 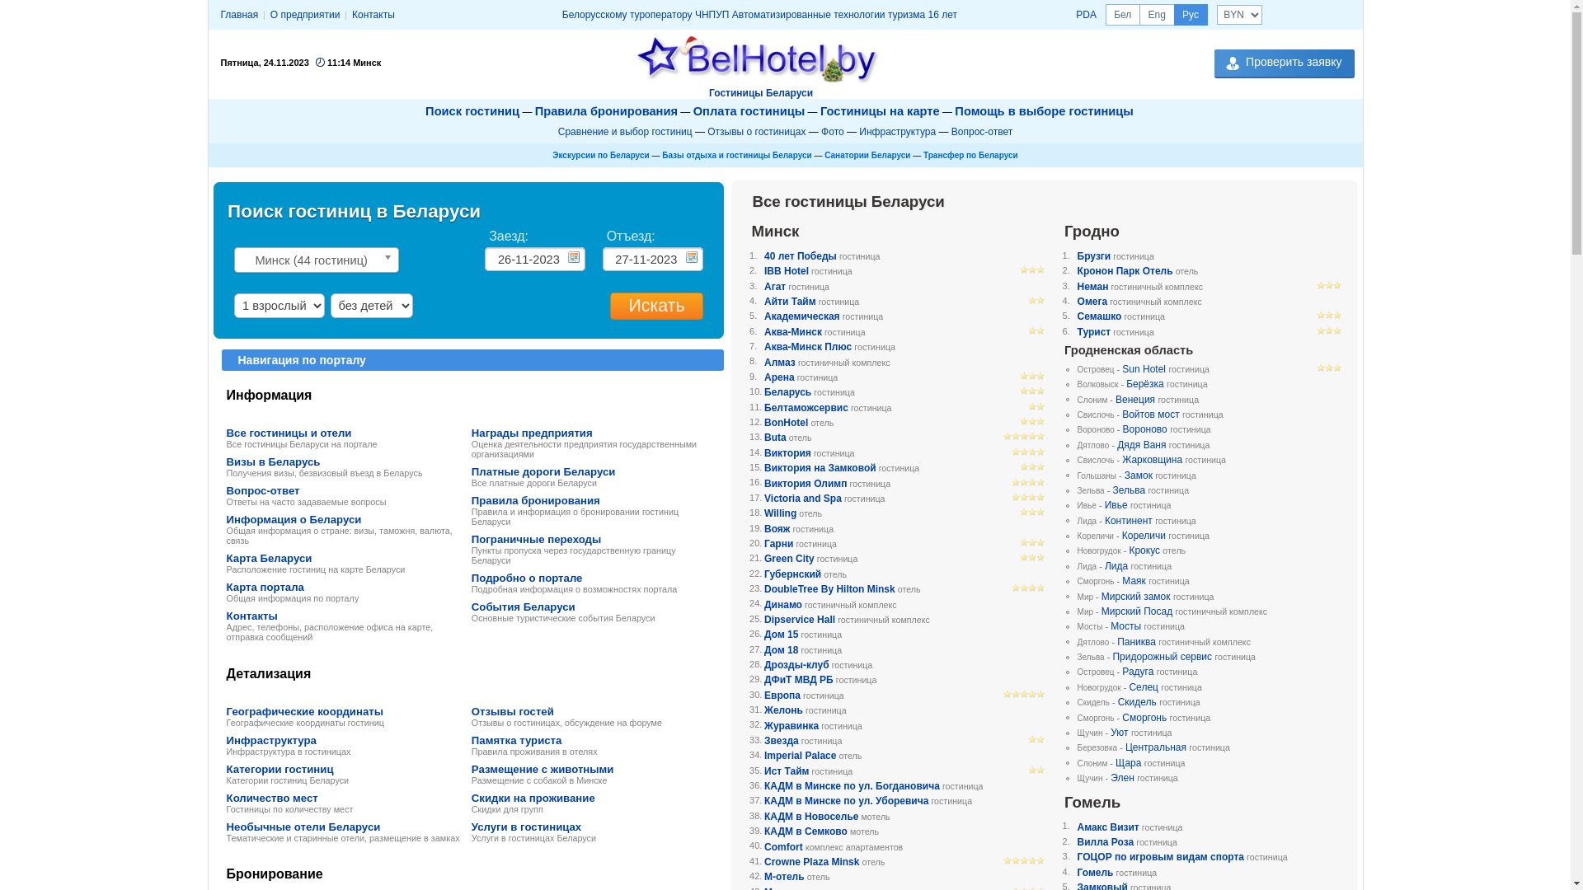 I want to click on 'Victoria and Spa', so click(x=803, y=498).